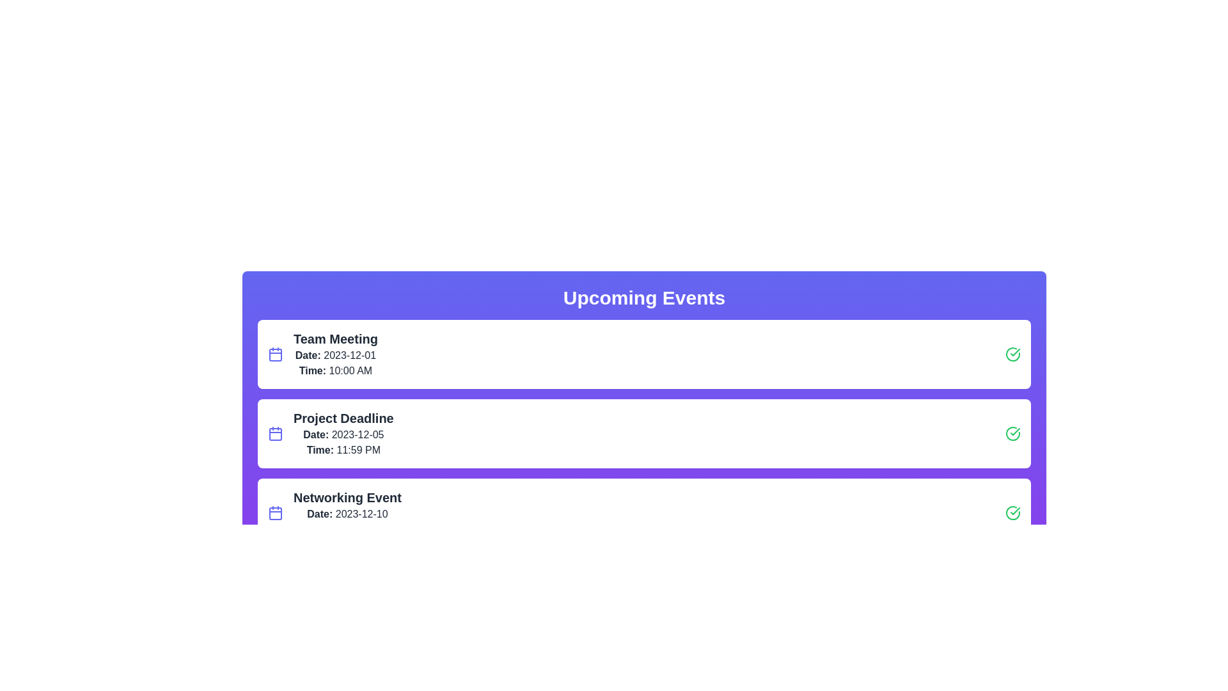 The height and width of the screenshot is (691, 1228). What do you see at coordinates (275, 512) in the screenshot?
I see `the calendar icon representing the start date of the 'Networking Event' in the third row` at bounding box center [275, 512].